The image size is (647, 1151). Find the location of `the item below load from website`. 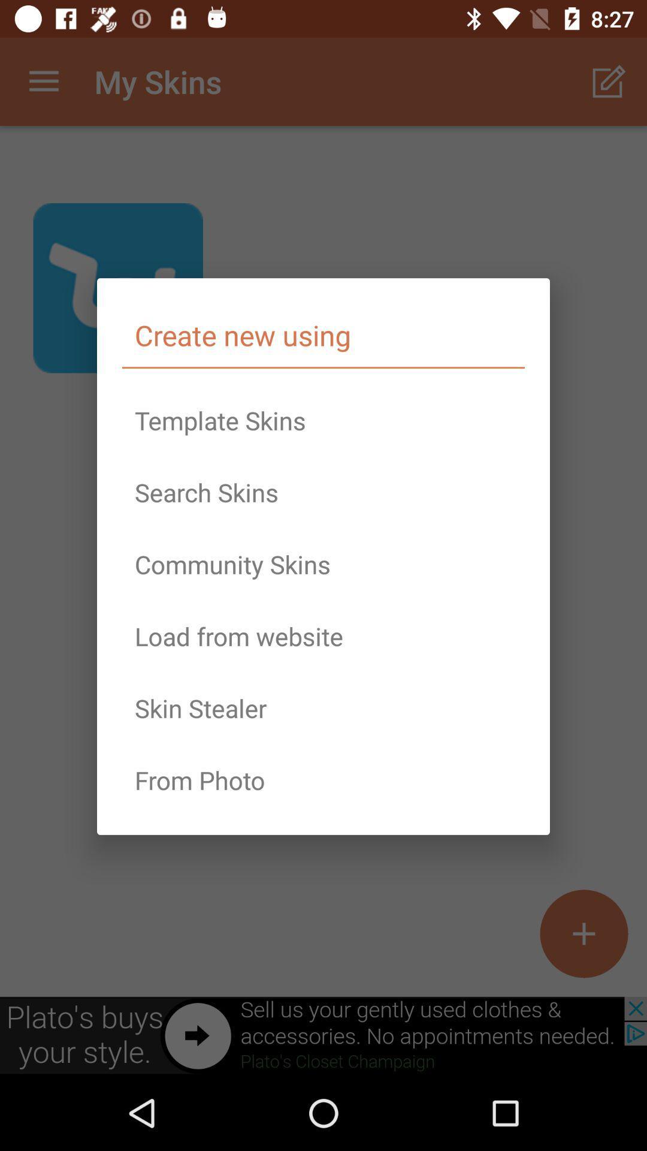

the item below load from website is located at coordinates (323, 708).